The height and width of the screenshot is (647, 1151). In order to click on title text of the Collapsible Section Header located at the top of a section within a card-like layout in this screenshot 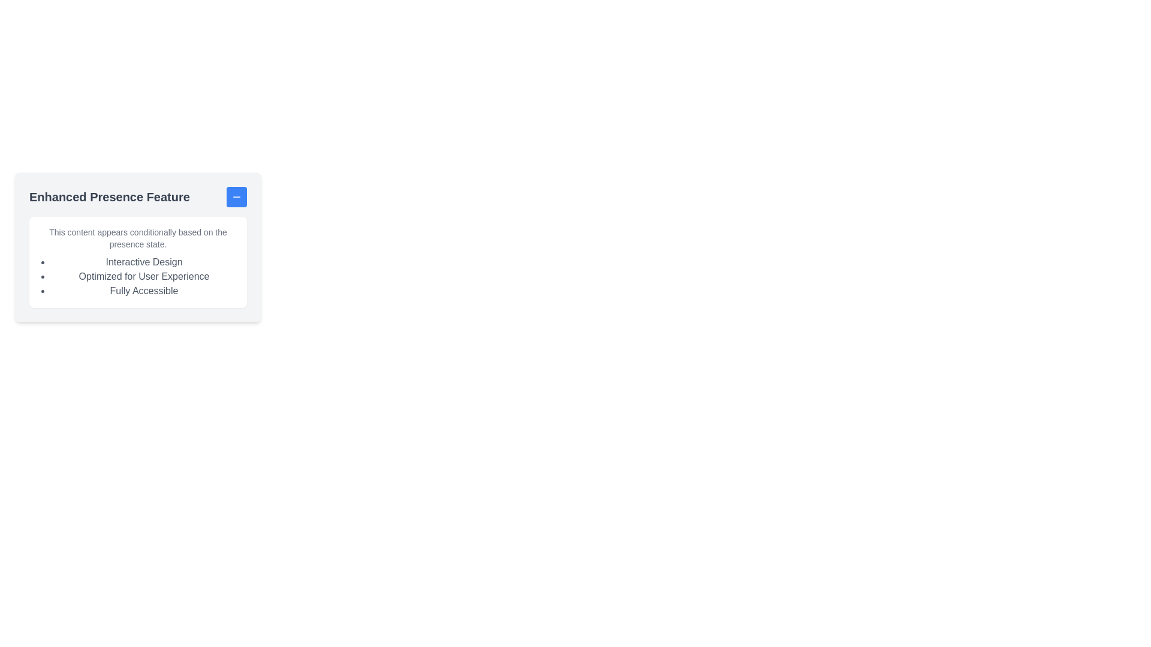, I will do `click(138, 196)`.